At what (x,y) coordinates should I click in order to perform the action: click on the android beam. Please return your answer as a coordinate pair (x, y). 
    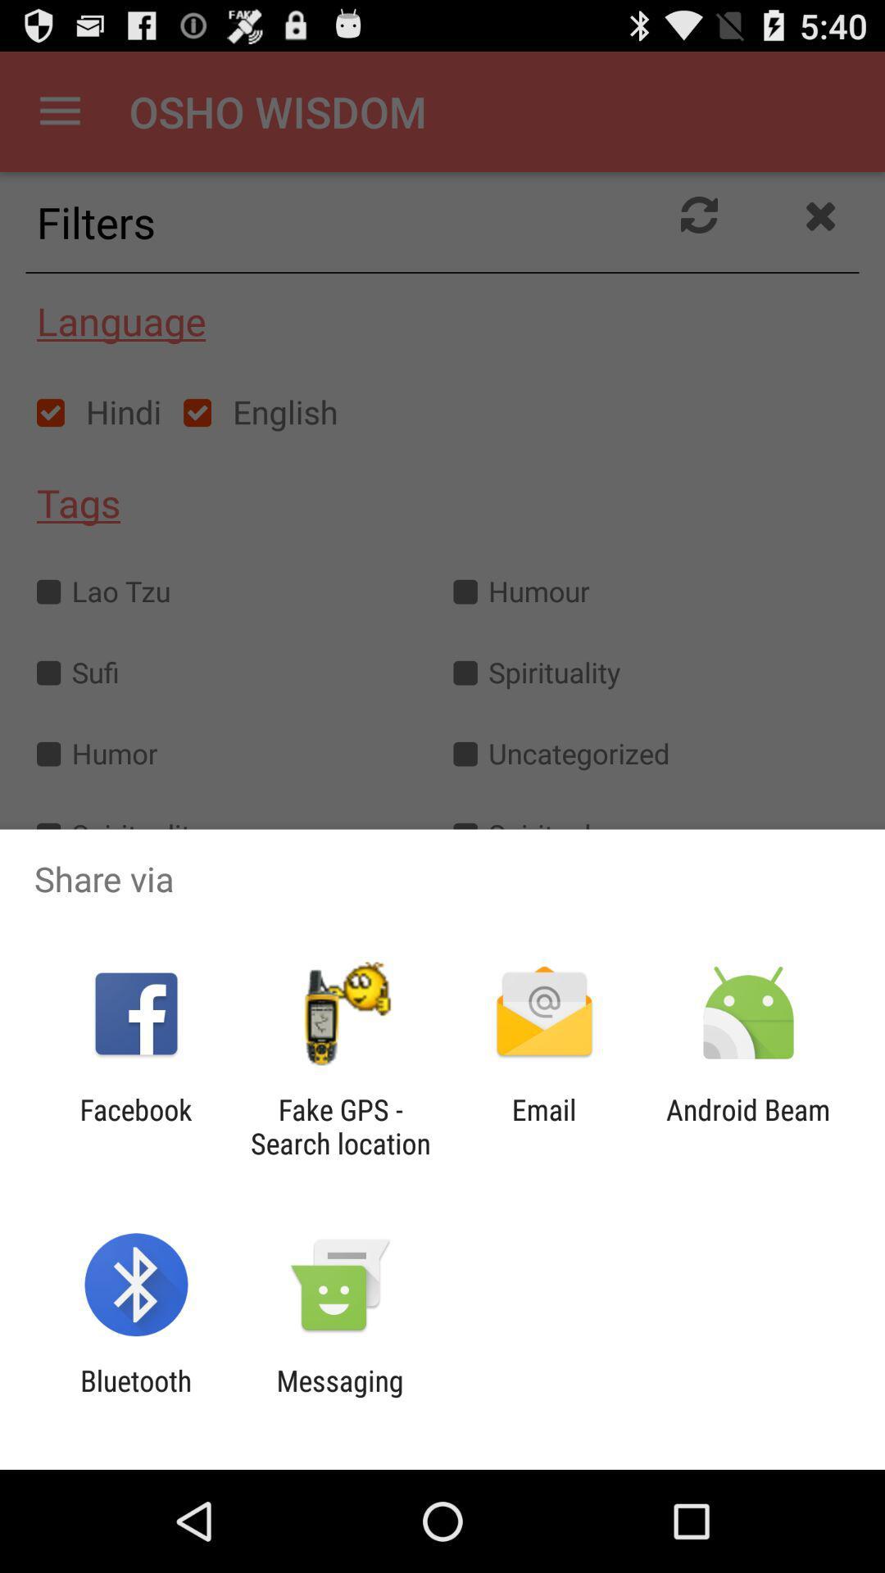
    Looking at the image, I should click on (748, 1126).